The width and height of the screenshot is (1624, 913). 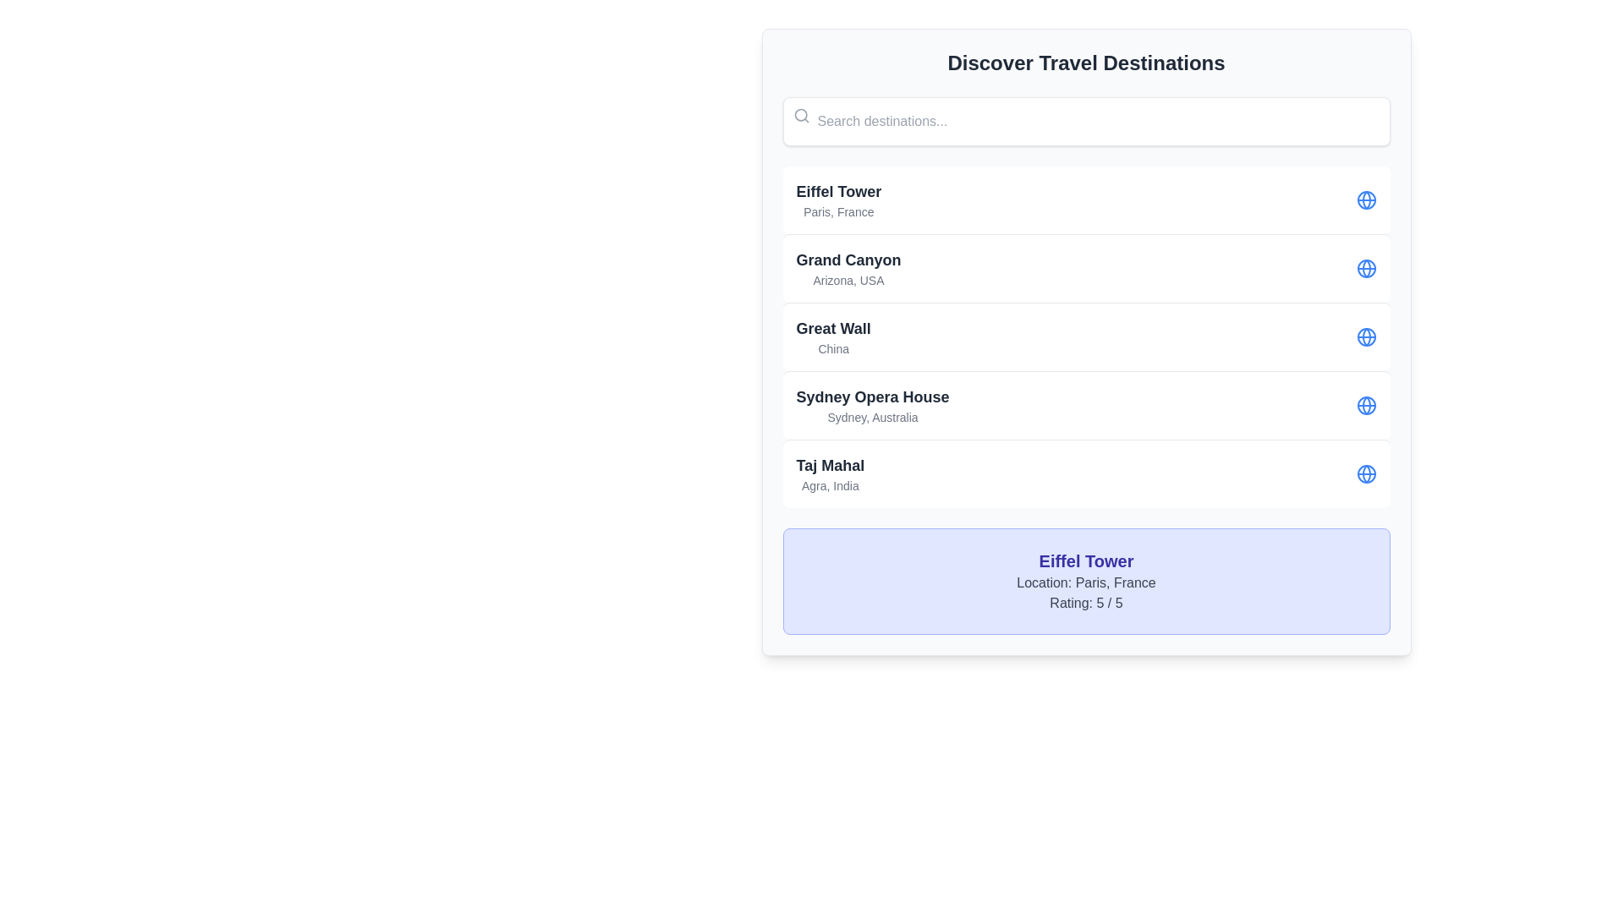 I want to click on the text block containing the title 'Taj Mahal' and the subtitle 'Agra, India', located in the middle of the fifth card in the list of travel destinations, so click(x=830, y=473).